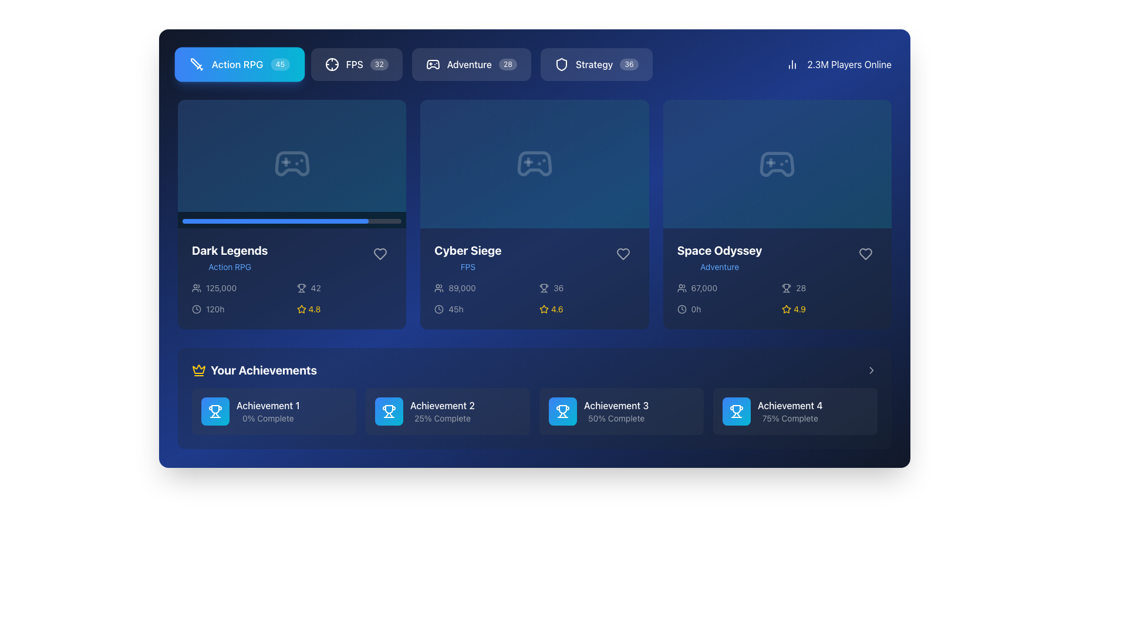 The width and height of the screenshot is (1127, 634). Describe the element at coordinates (543, 288) in the screenshot. I see `the trophy icon element located in the 'Cyber Siege' card section, positioned to the left of the numeric value '36'` at that location.